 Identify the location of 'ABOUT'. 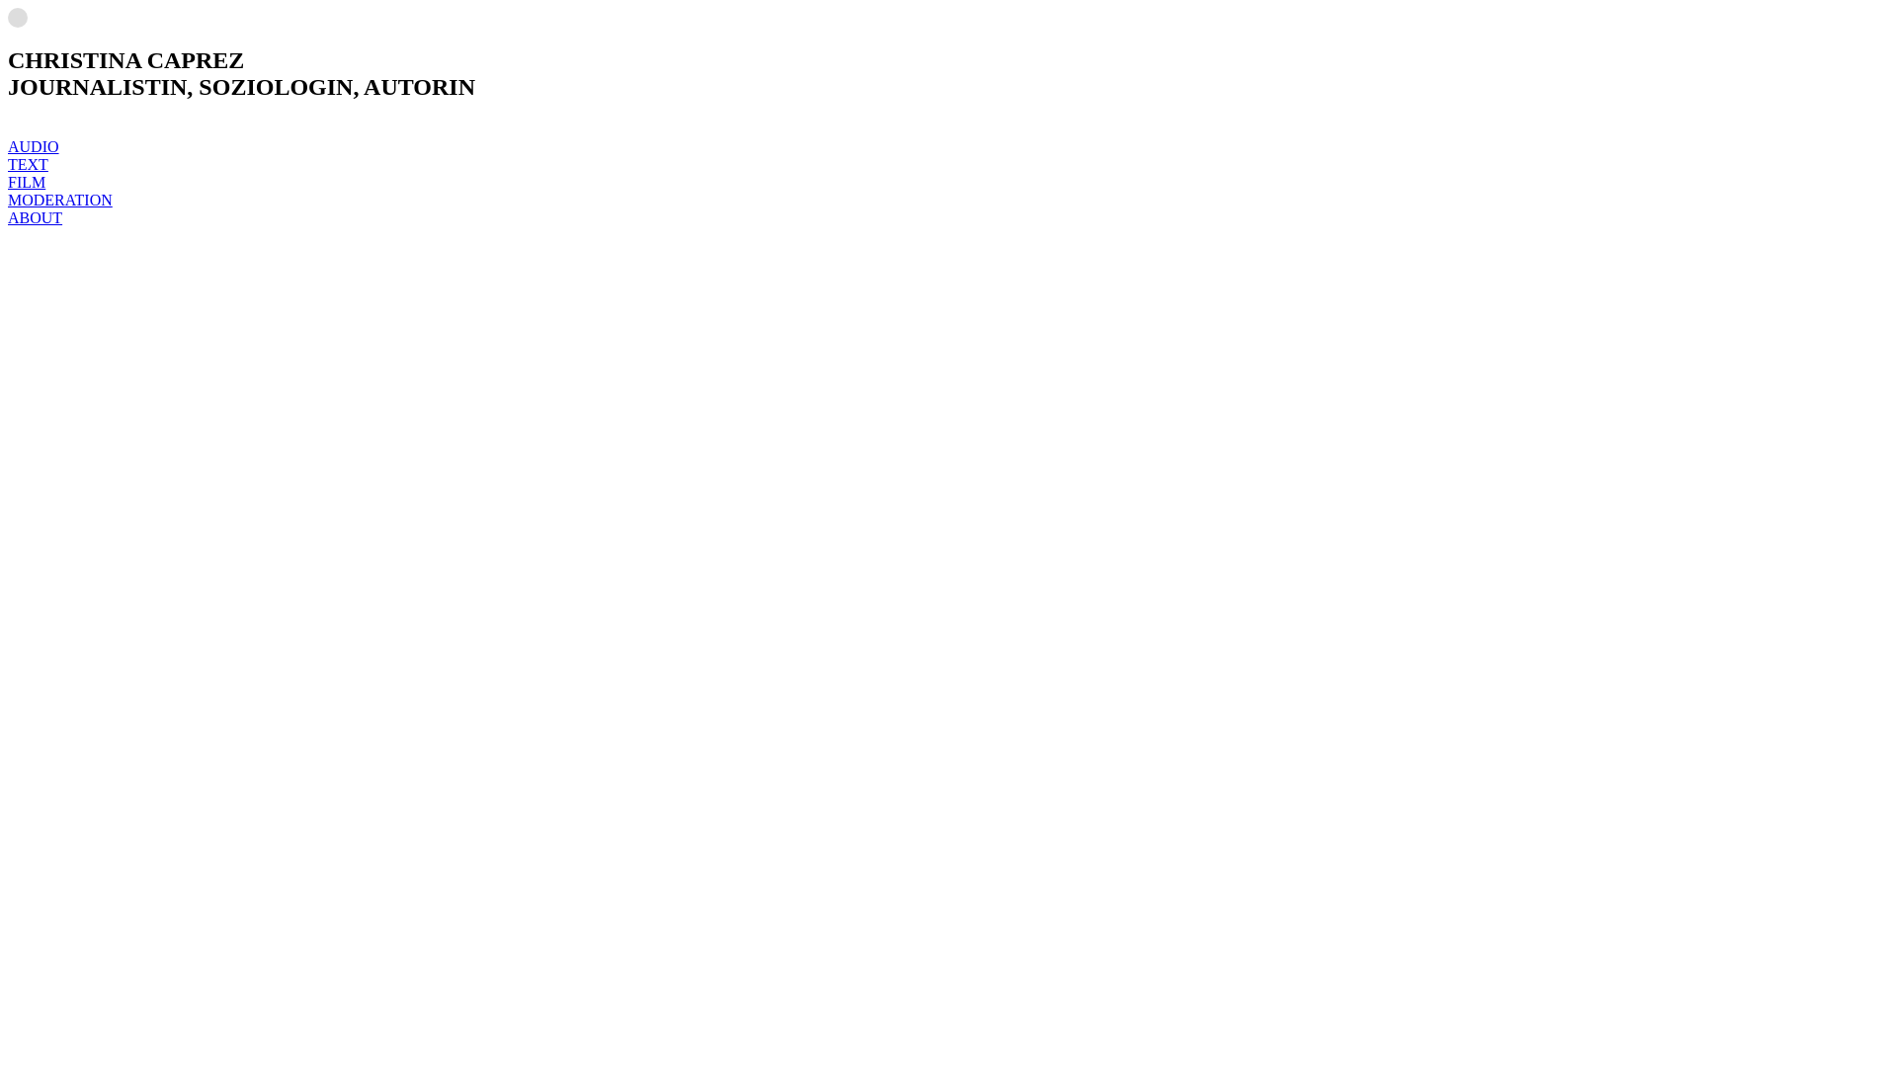
(8, 217).